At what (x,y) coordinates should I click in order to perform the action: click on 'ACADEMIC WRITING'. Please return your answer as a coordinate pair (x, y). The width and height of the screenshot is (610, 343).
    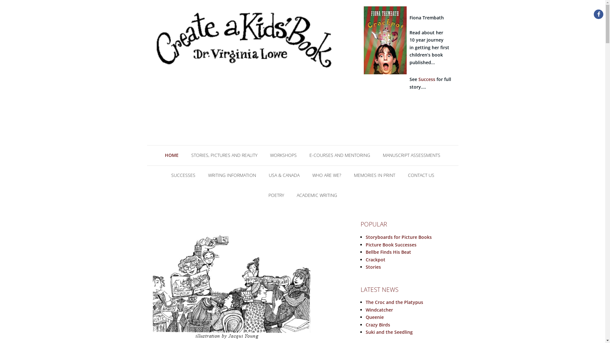
    Looking at the image, I should click on (290, 194).